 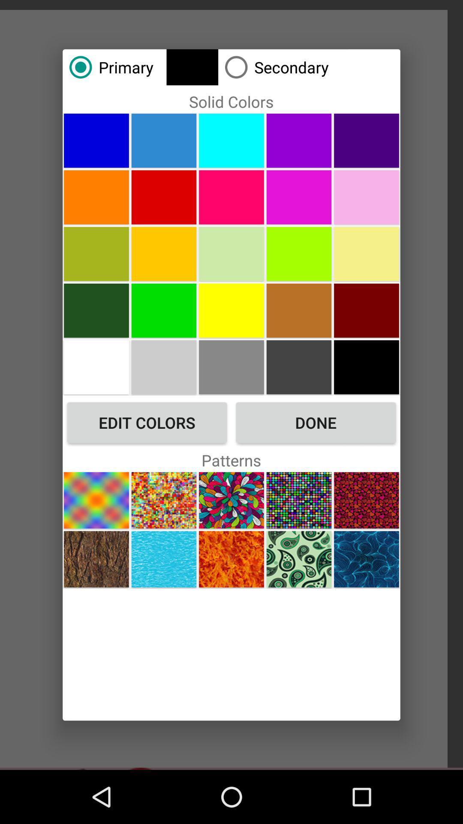 What do you see at coordinates (298, 559) in the screenshot?
I see `paisley pattern` at bounding box center [298, 559].